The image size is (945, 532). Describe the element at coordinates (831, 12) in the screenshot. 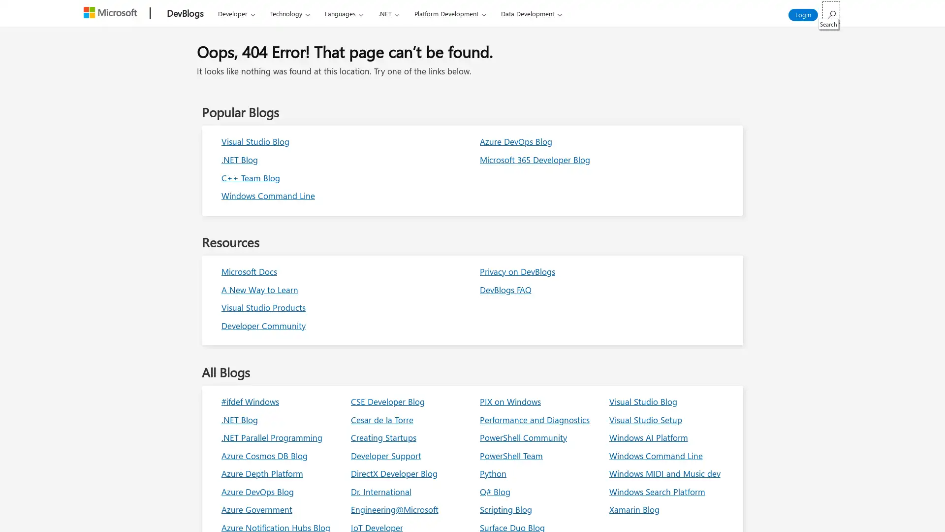

I see `Search` at that location.